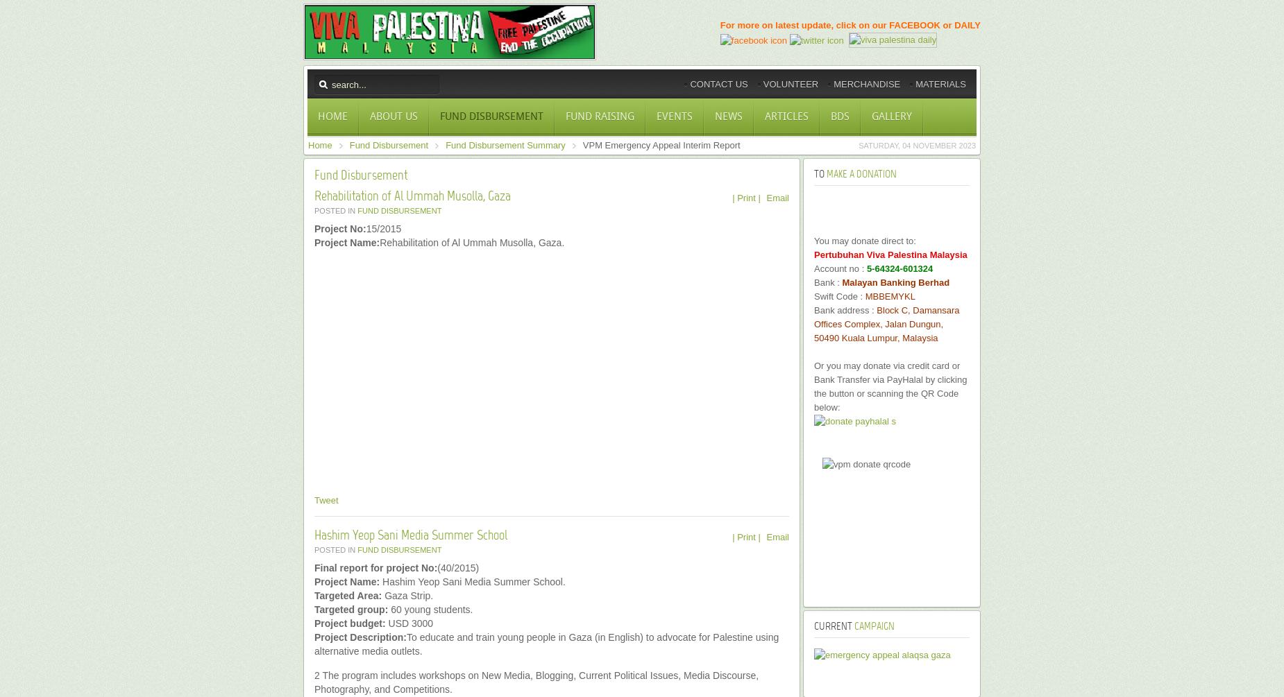 The width and height of the screenshot is (1284, 697). Describe the element at coordinates (437, 567) in the screenshot. I see `'(40/2015)'` at that location.